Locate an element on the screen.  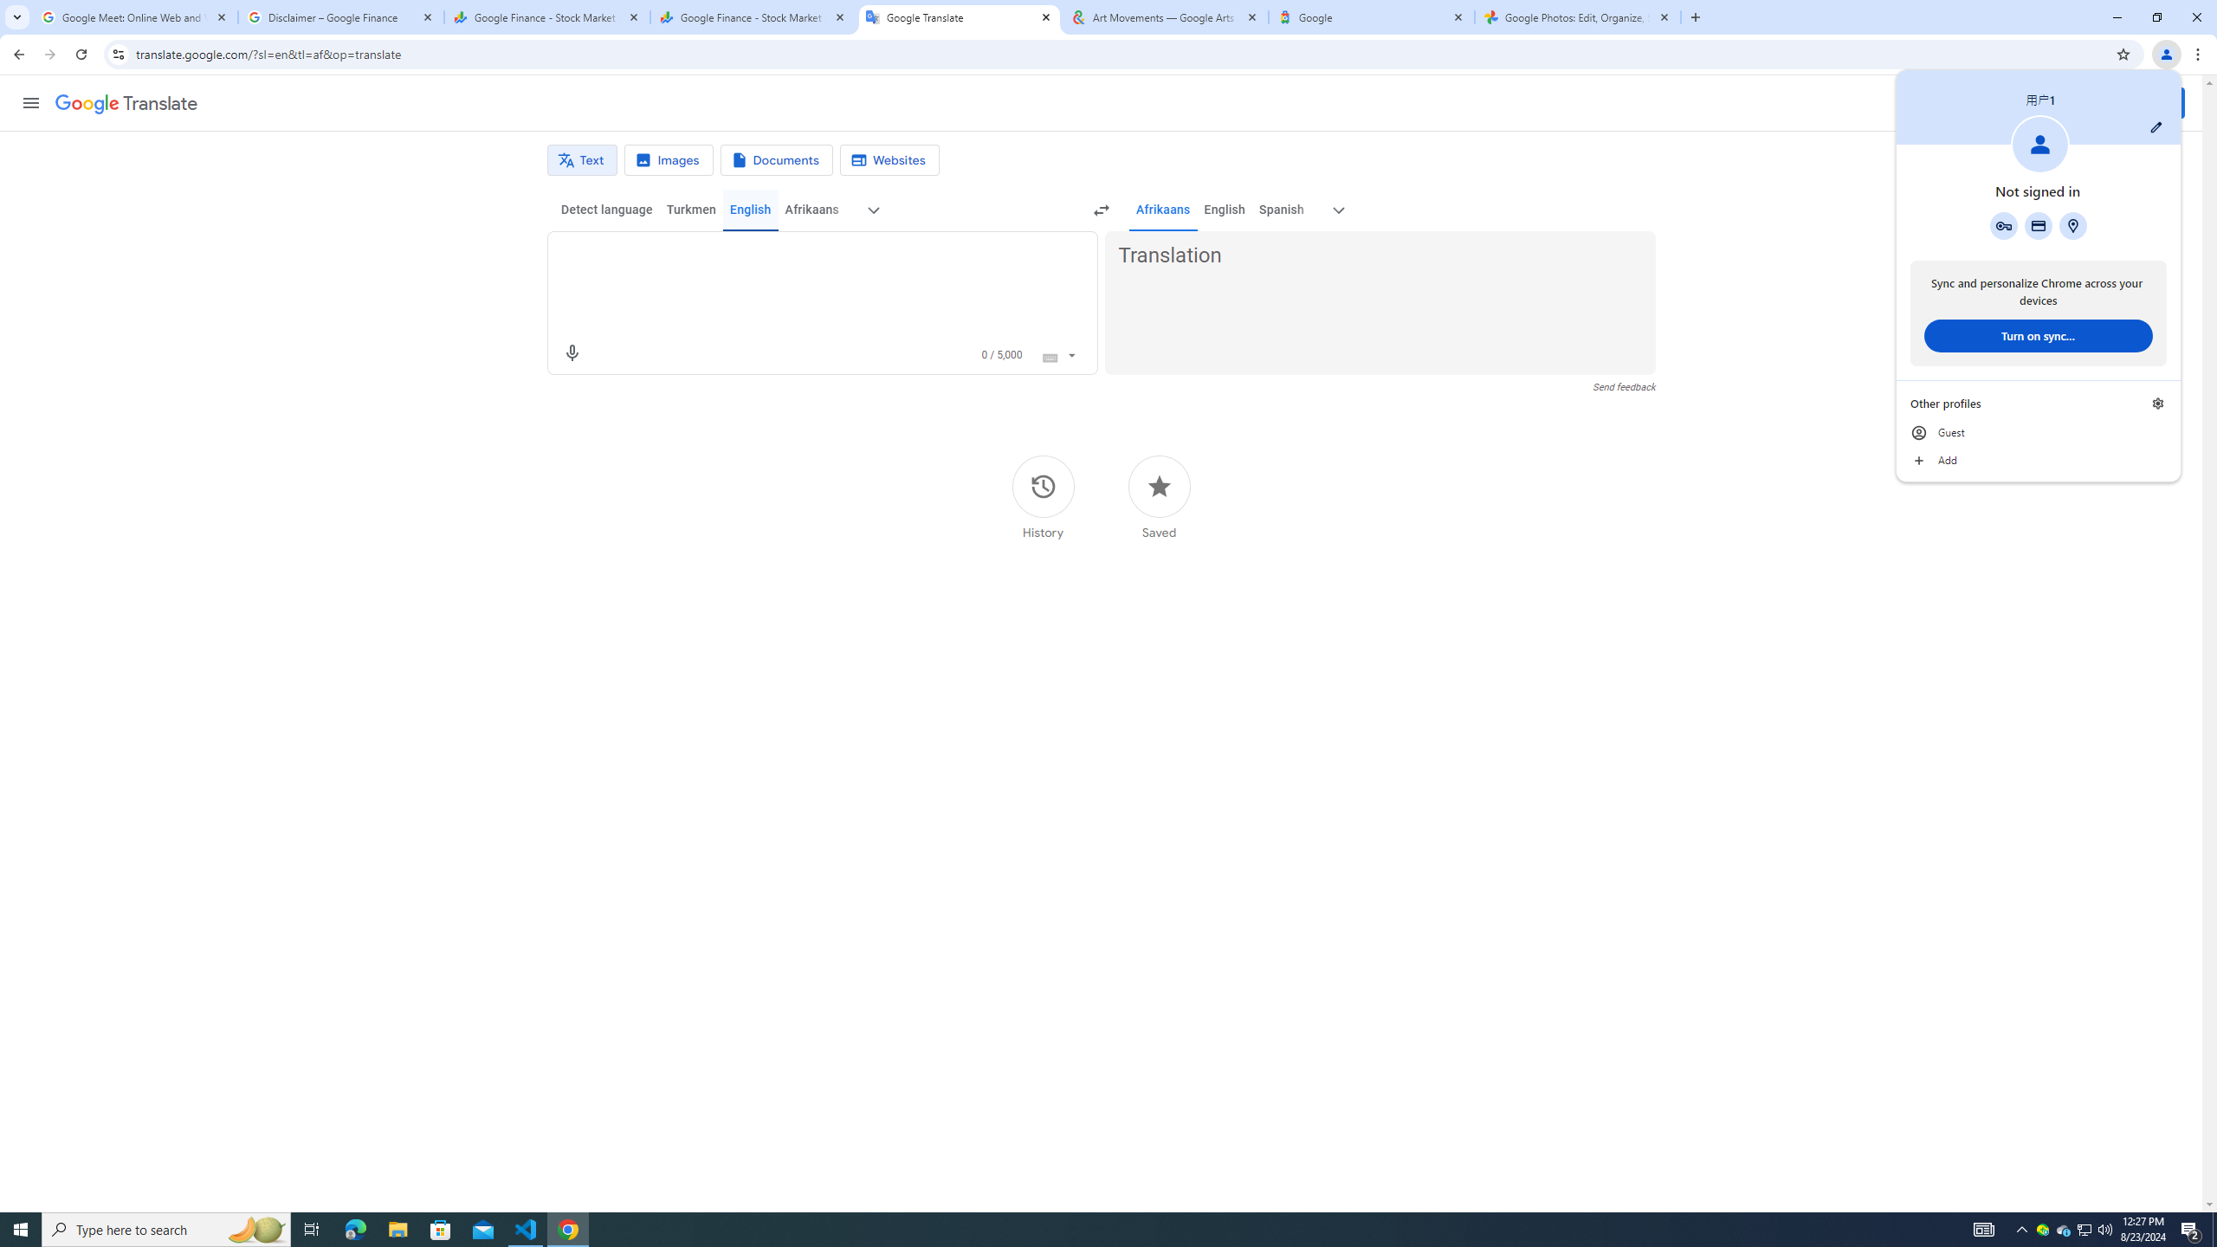
'User Promoted Notification Area' is located at coordinates (2083, 1228).